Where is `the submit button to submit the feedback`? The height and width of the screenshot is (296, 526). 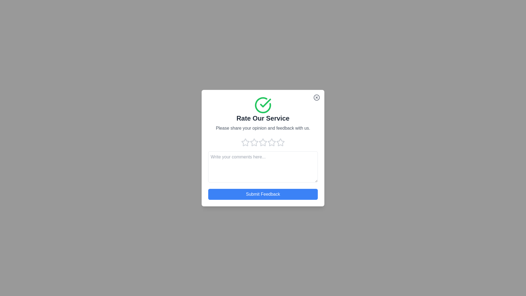 the submit button to submit the feedback is located at coordinates (263, 194).